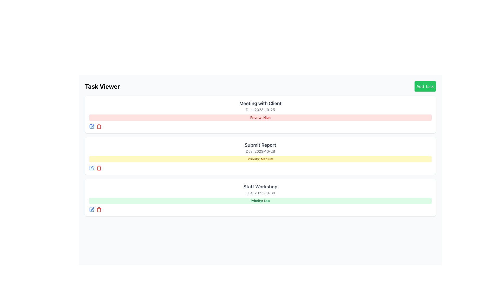 Image resolution: width=499 pixels, height=281 pixels. Describe the element at coordinates (260, 109) in the screenshot. I see `displayed due date from the static text element located in the middle portion of the 'Meeting with Client' card, positioned between the title and the priority text` at that location.